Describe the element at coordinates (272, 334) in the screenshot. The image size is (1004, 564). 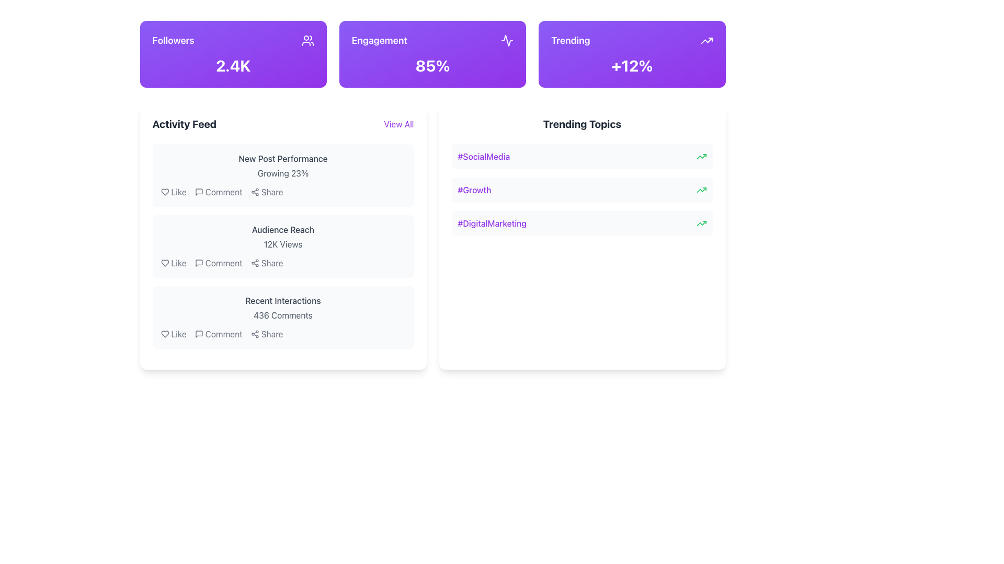
I see `the Text label indicating shareable content in the last card of the 'Activity Feed' section, located to the right of the 'Comment' text` at that location.